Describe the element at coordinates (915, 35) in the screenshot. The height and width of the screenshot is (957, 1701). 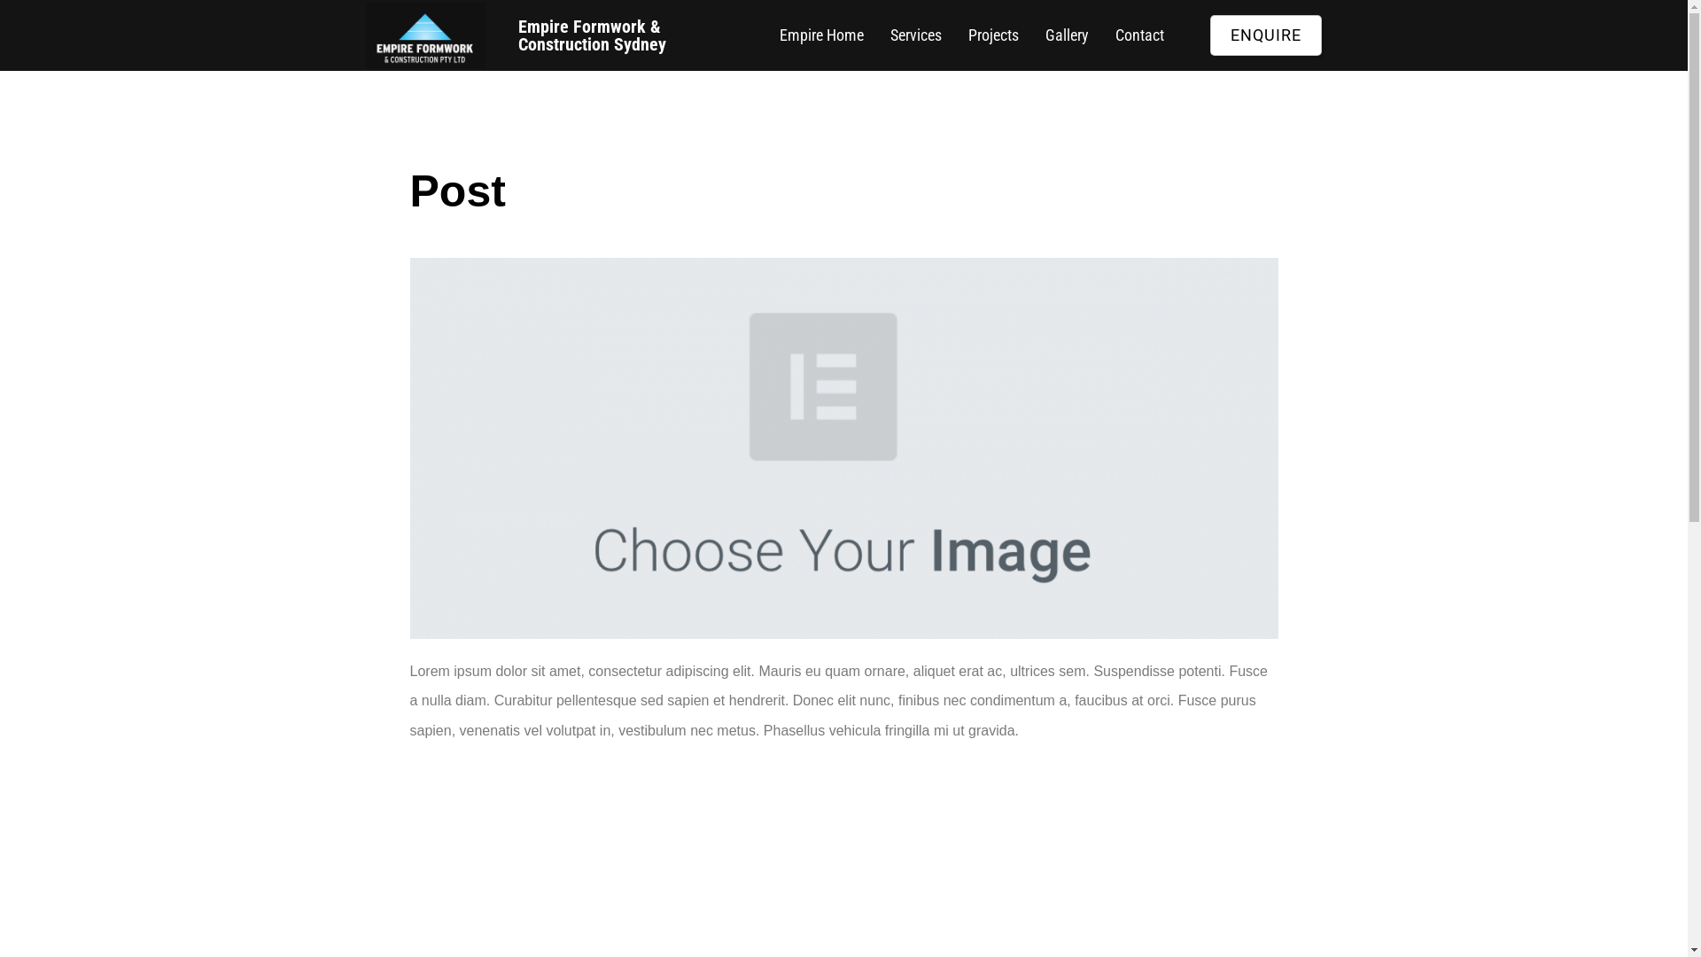
I see `'Services'` at that location.